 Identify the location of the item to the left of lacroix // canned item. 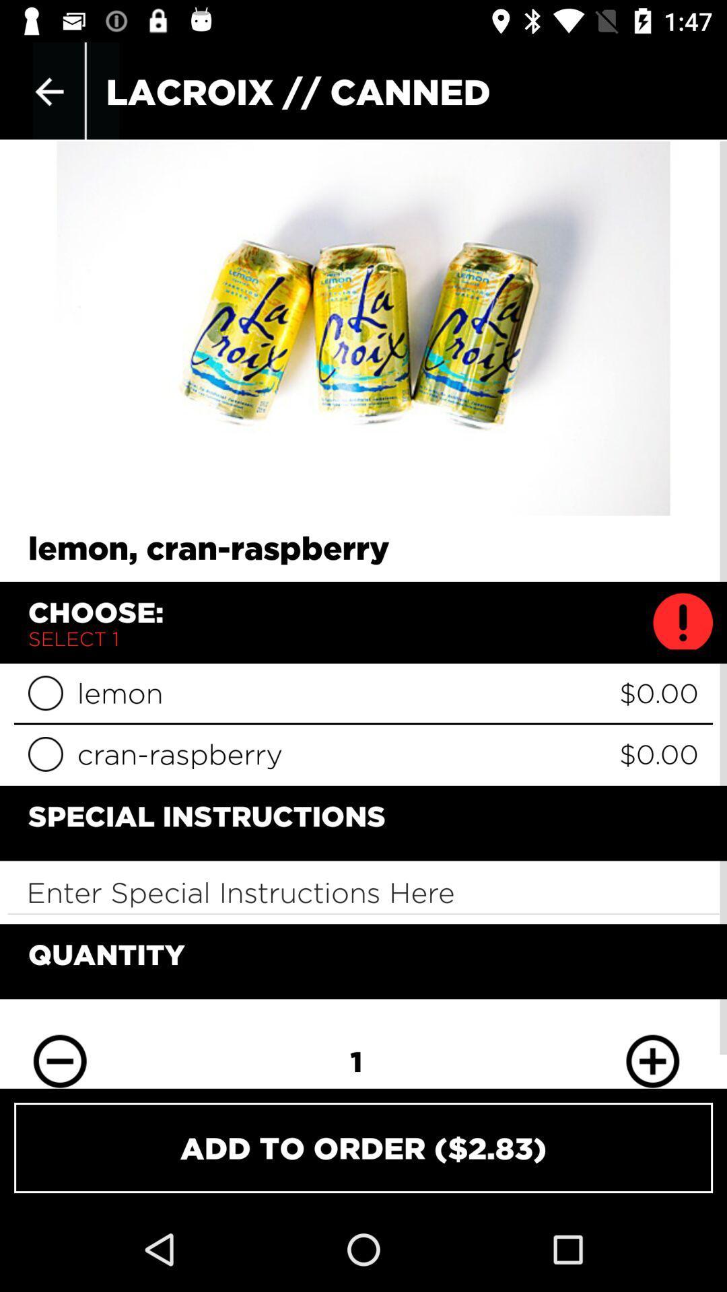
(48, 91).